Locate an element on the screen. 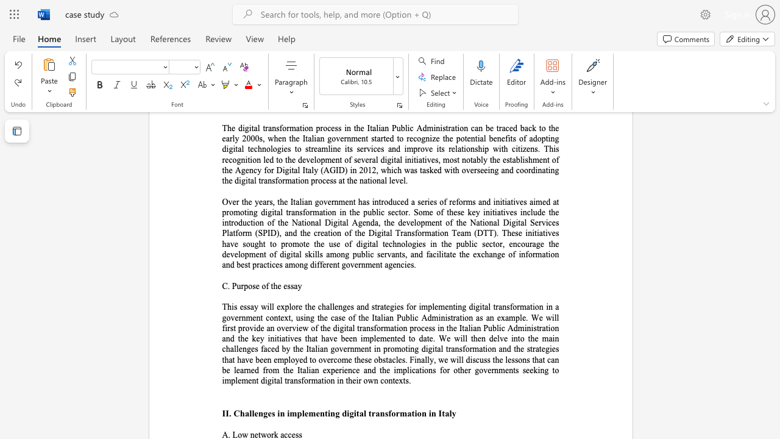 The height and width of the screenshot is (439, 780). the subset text "formation i" within the text "overcome these obstacles. Finally, we will discuss the lessons that can be learned from the Italian experience and the implications for other governments seeking to implement digital transformation in their own contexts." is located at coordinates (301, 380).